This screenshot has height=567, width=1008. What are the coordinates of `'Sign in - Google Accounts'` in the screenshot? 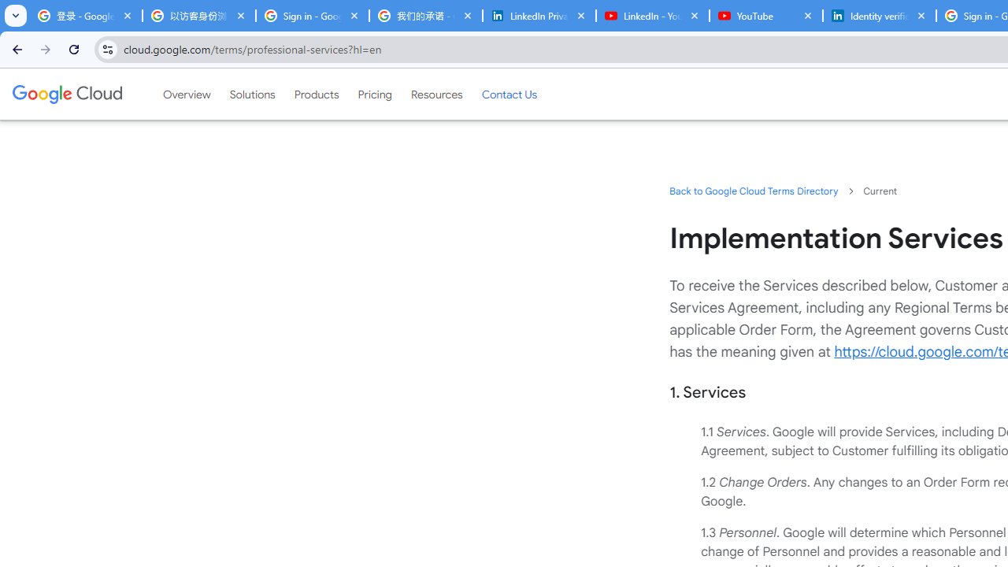 It's located at (312, 16).